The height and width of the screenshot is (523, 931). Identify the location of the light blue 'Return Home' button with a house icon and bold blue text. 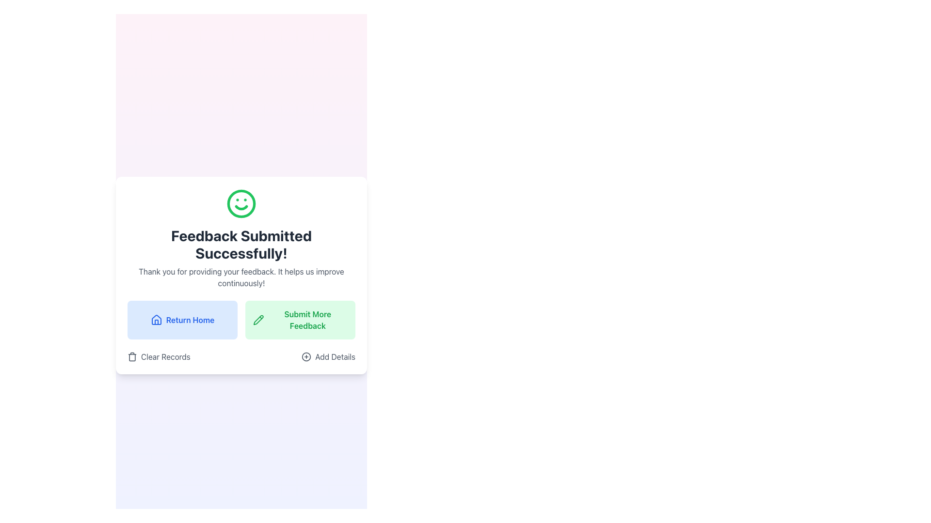
(182, 320).